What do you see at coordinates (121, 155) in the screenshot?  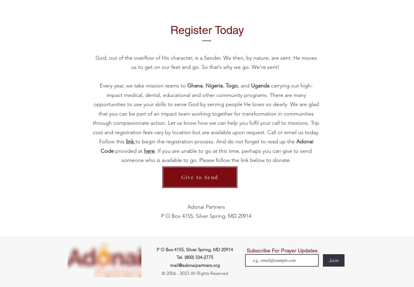 I see `'. If you are unable to go at this time, perhaps you can give to send someone who is available to go. Please follow the link below to donate.'` at bounding box center [121, 155].